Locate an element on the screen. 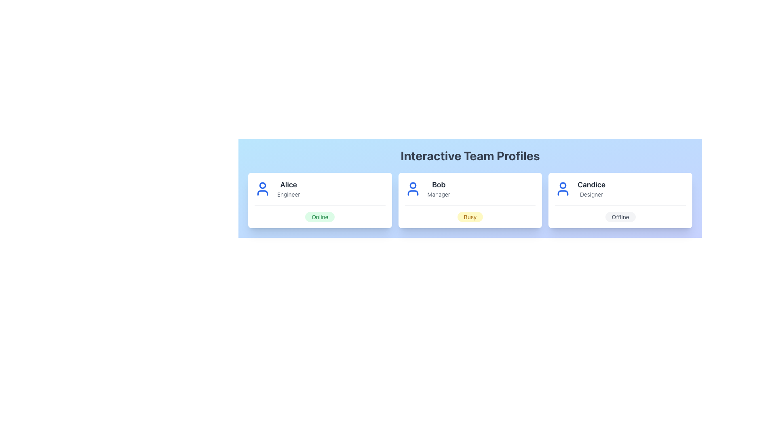 This screenshot has height=436, width=776. the curved line element of the SVG user icon representing the profile of 'Candice', located near the bottom part of the icon is located at coordinates (563, 193).